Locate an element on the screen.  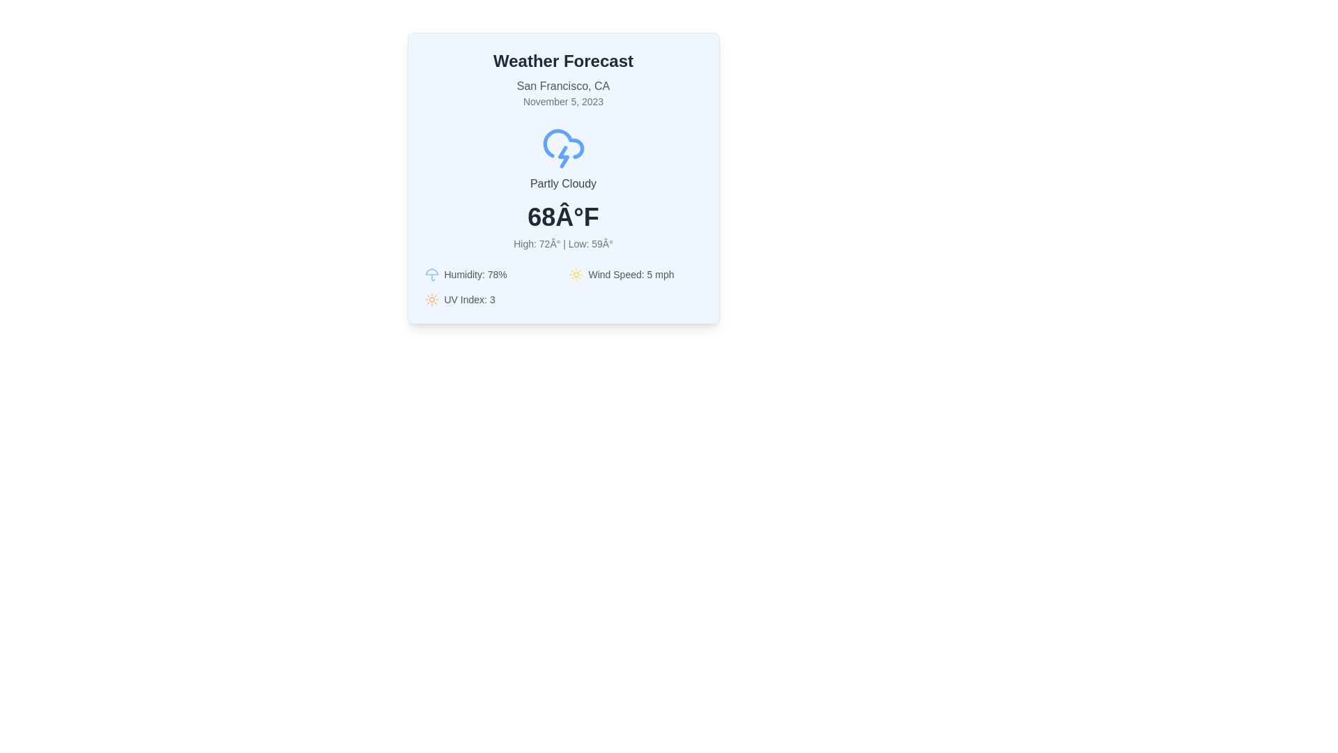
the text element that communicates the forecasted high and low temperatures for the day, positioned beneath the '68°F' element and horizontally centered within the card is located at coordinates (563, 243).